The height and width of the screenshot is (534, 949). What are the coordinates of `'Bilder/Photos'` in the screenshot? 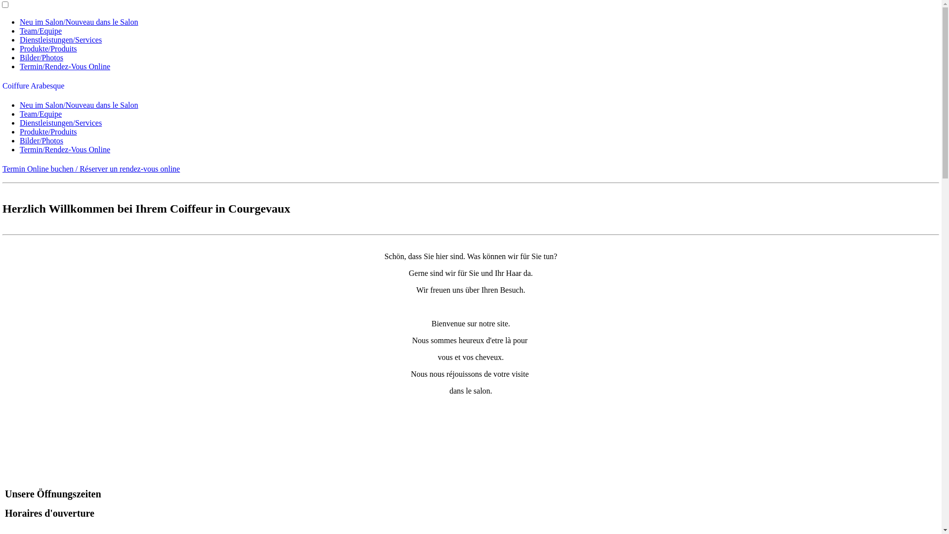 It's located at (41, 57).